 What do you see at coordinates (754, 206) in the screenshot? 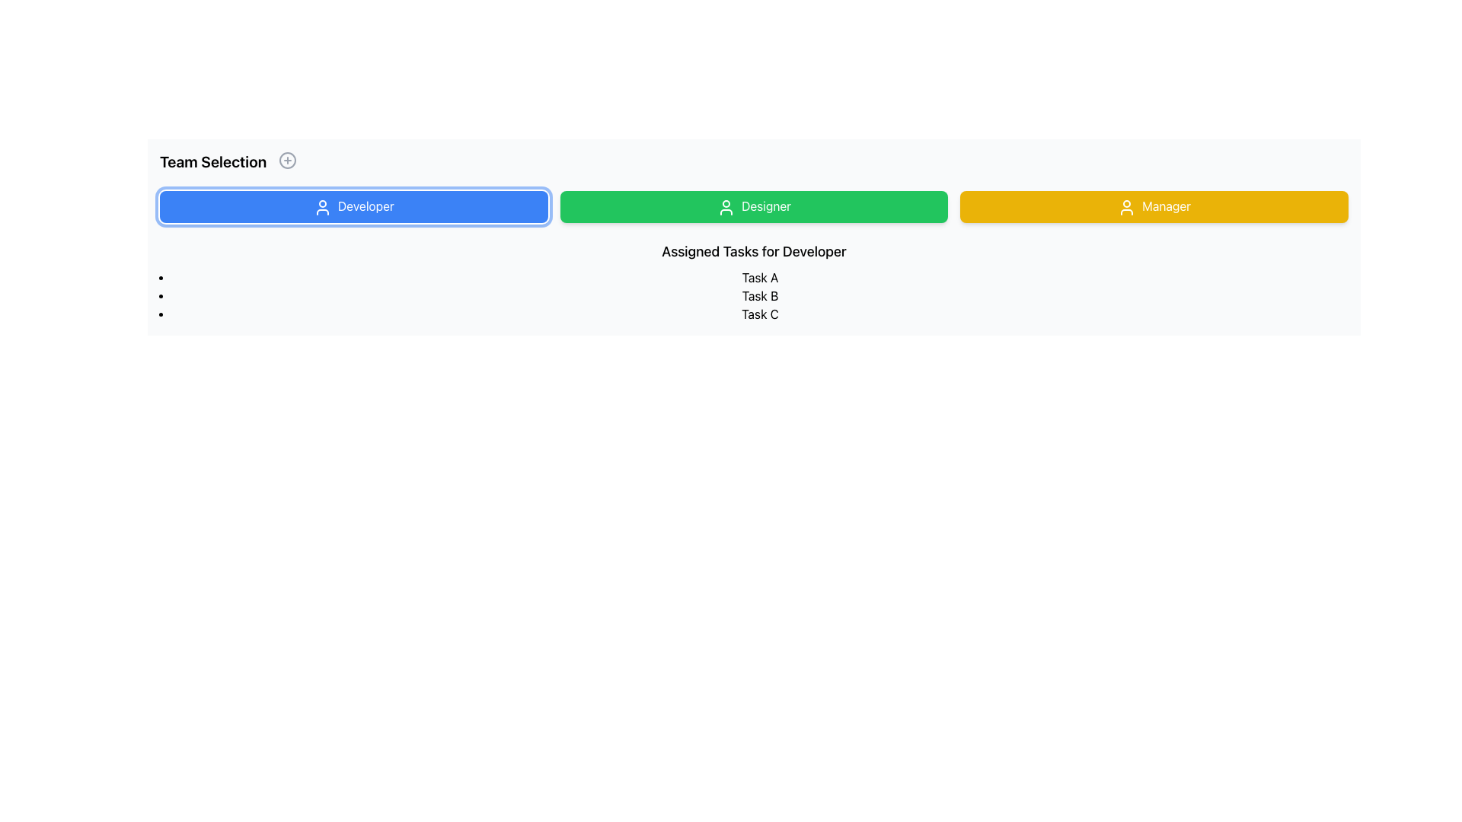
I see `the 'Designer' button located in the 'Team Selection' section` at bounding box center [754, 206].